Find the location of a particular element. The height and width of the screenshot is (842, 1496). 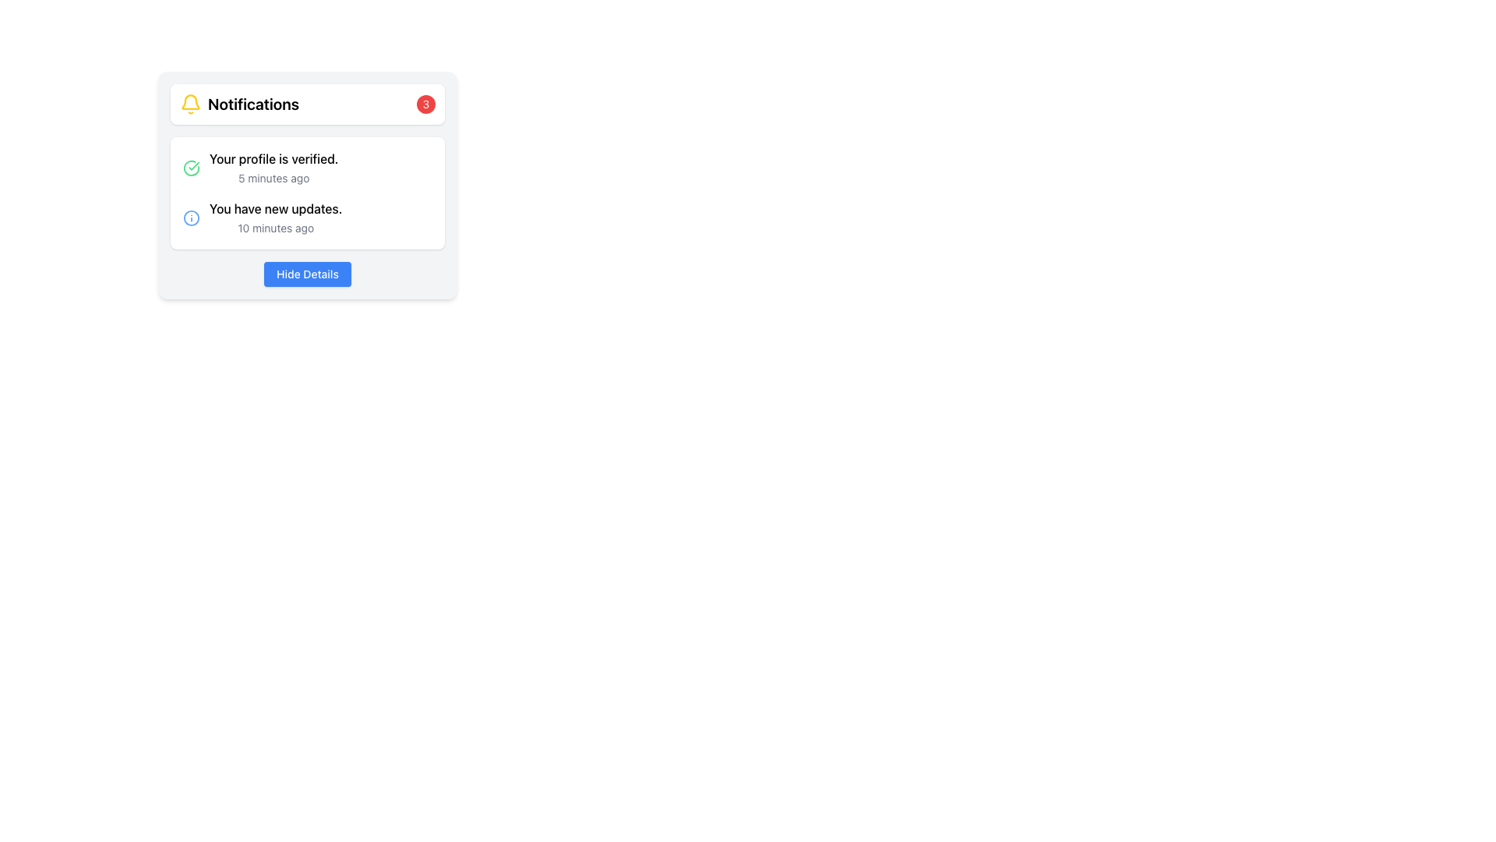

the text element that reads 'You have new updates.' which is prominently displayed in the notification module, located beneath 'Your profile is verified.' is located at coordinates (276, 207).